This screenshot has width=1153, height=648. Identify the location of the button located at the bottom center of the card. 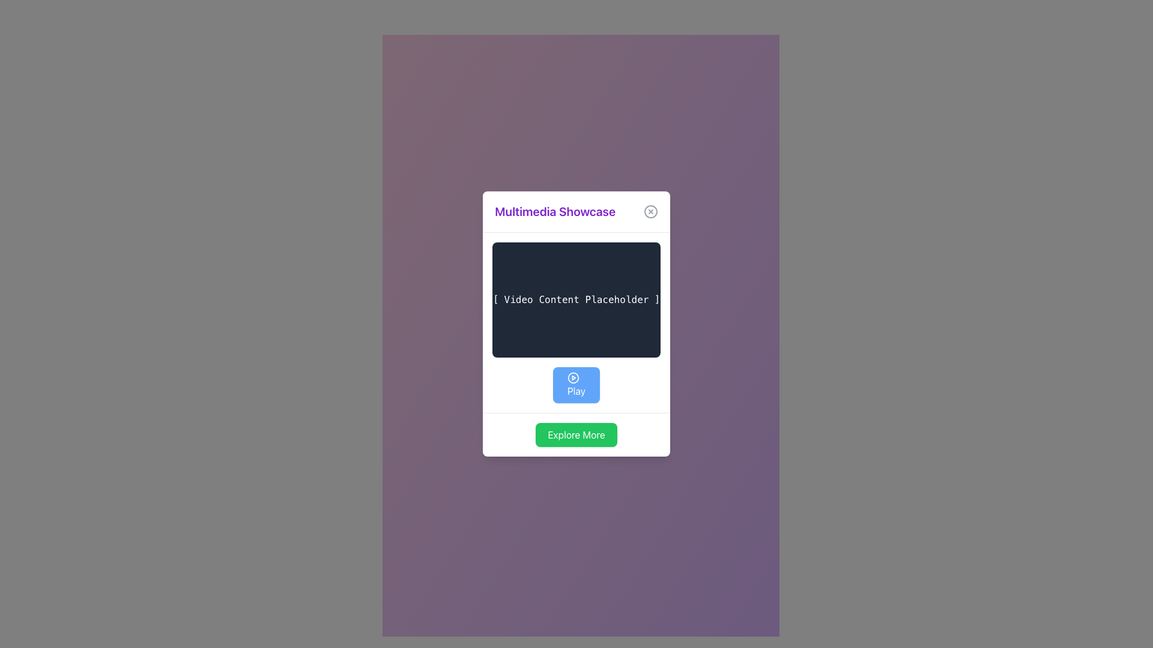
(576, 435).